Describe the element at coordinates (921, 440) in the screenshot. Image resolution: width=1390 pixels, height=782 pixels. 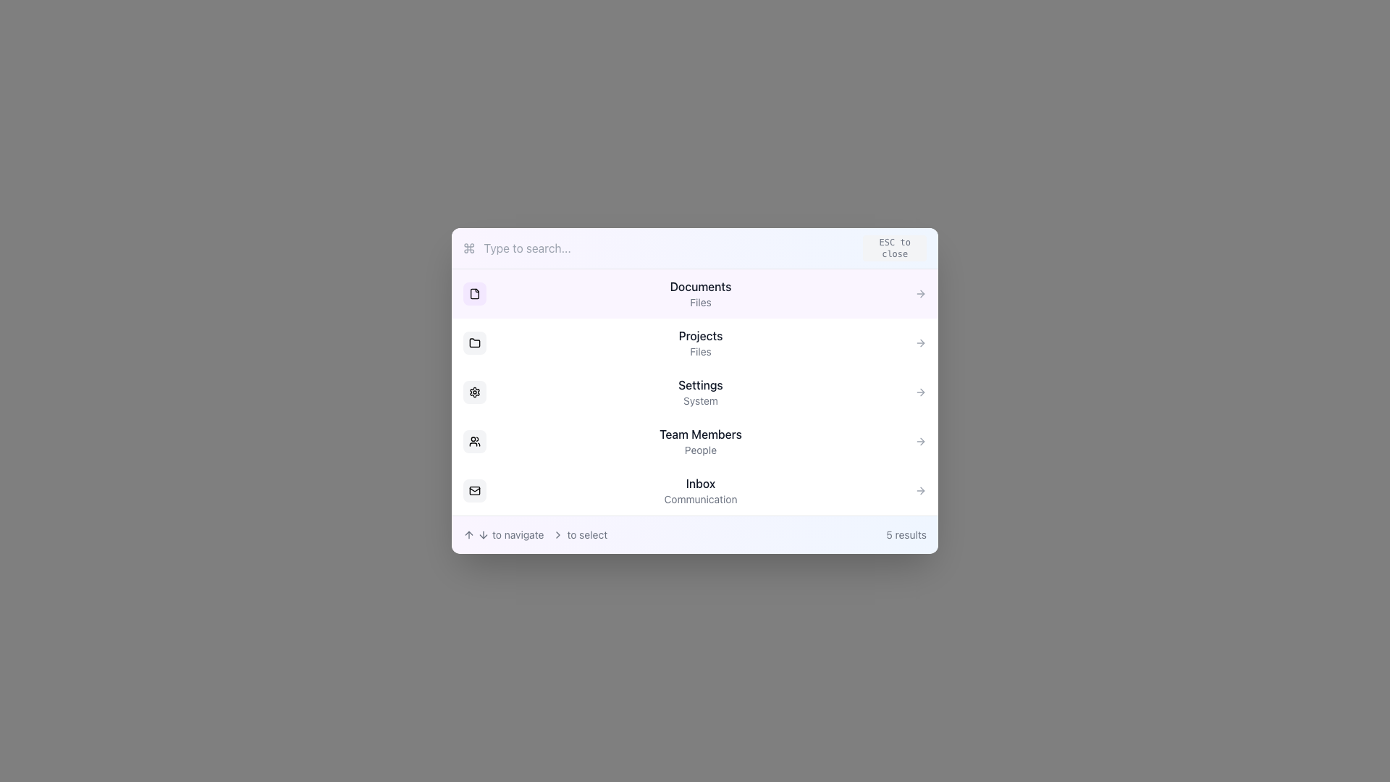
I see `the arrowhead icon on the far-right edge of the 'Team Members' list item` at that location.